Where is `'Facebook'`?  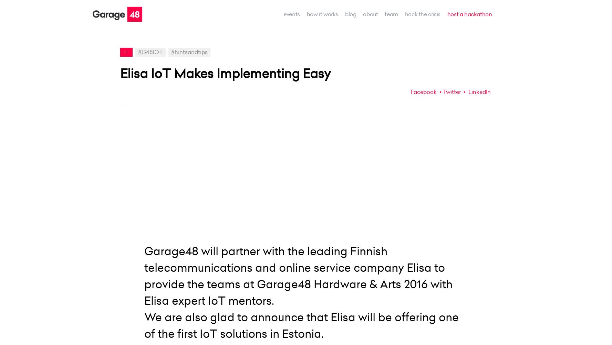 'Facebook' is located at coordinates (424, 91).